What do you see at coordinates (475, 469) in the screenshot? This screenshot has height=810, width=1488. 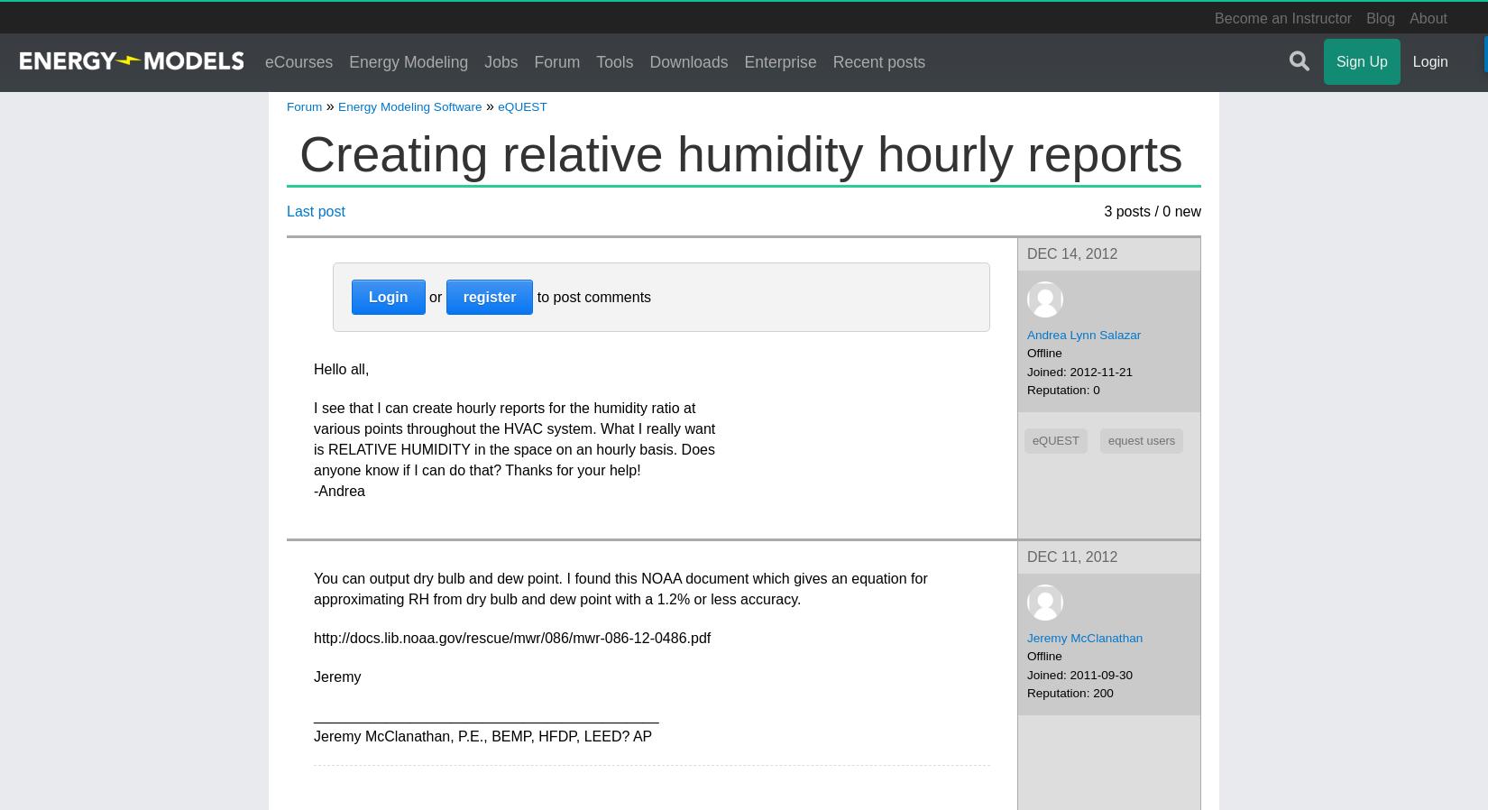 I see `'anyone know if I can do that?  Thanks for your help!'` at bounding box center [475, 469].